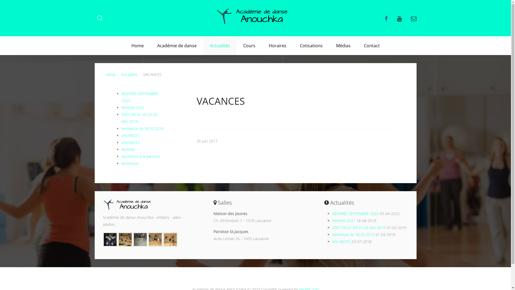 Image resolution: width=515 pixels, height=290 pixels. I want to click on 'kermesse du 30.03.2019', so click(142, 128).